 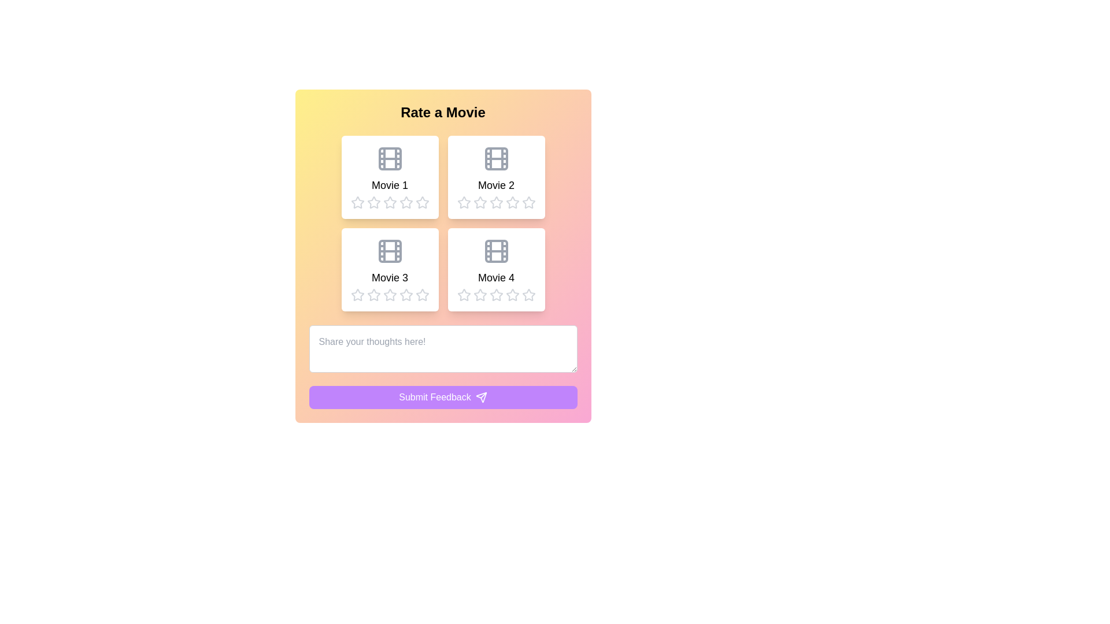 What do you see at coordinates (390, 184) in the screenshot?
I see `the text label displaying 'Movie 1', which is centrally located beneath the movie thumbnail icon in the upper-left card of a 2x2 grid layout` at bounding box center [390, 184].